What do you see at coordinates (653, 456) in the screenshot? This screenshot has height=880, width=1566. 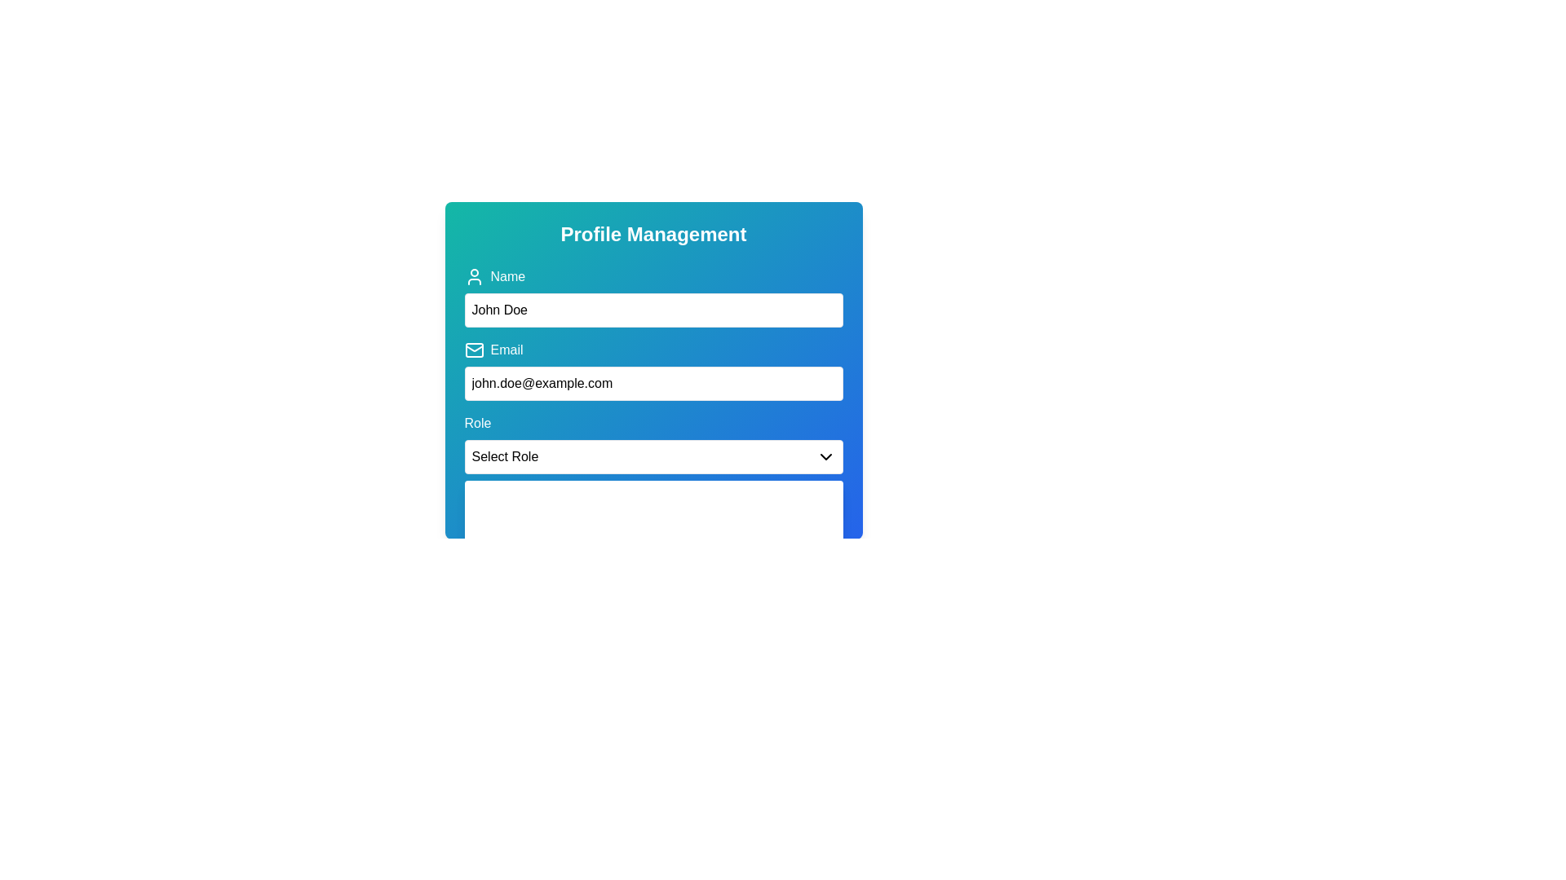 I see `the Dropdown menu in the 'Role' section of the form layout for keyboard input` at bounding box center [653, 456].